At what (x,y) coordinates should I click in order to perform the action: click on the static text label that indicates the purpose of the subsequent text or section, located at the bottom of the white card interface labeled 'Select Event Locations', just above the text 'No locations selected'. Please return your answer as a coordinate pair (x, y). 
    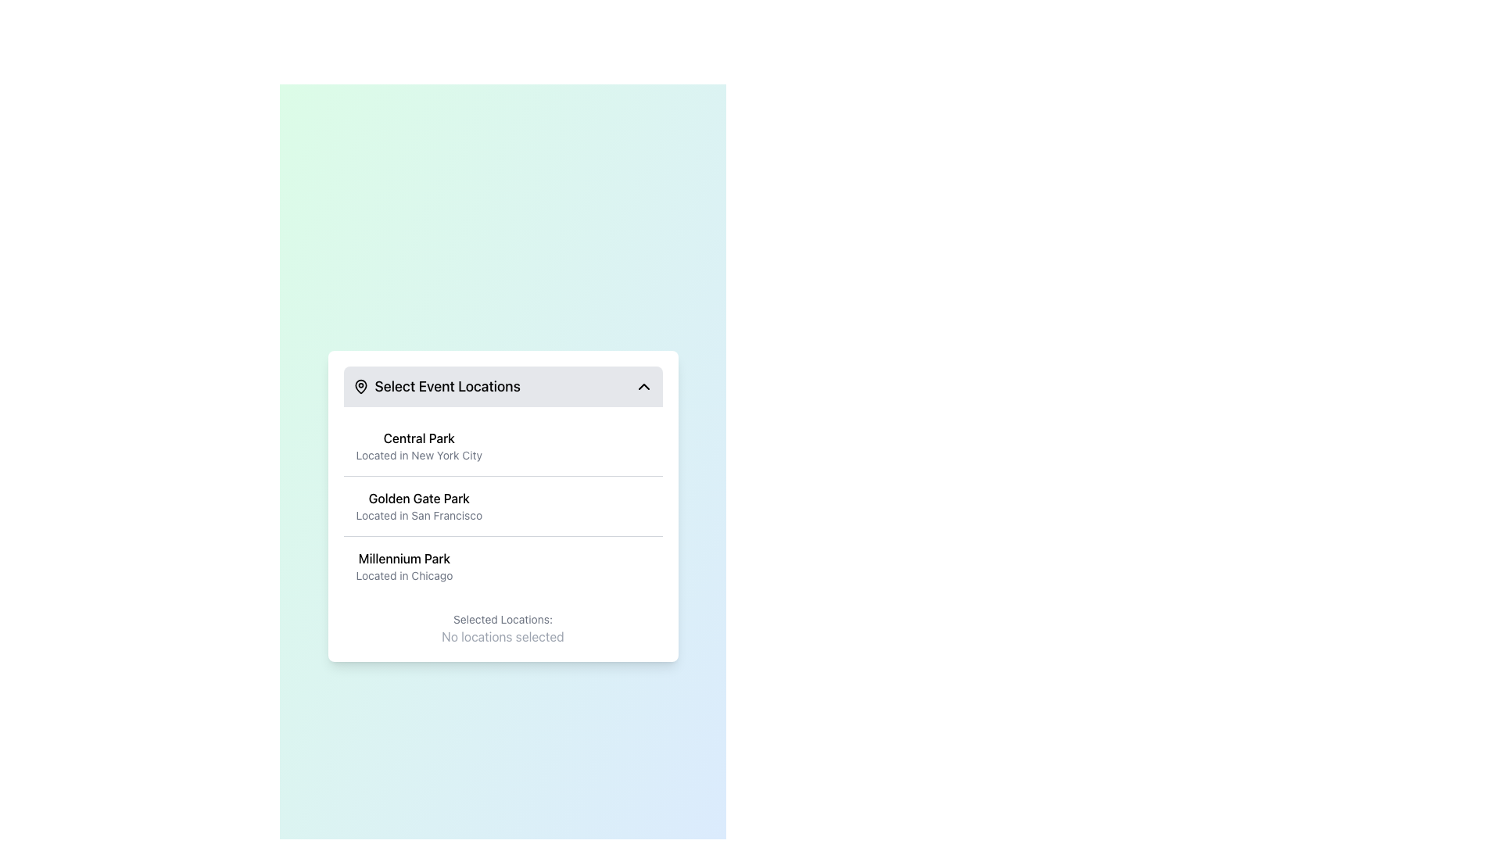
    Looking at the image, I should click on (503, 619).